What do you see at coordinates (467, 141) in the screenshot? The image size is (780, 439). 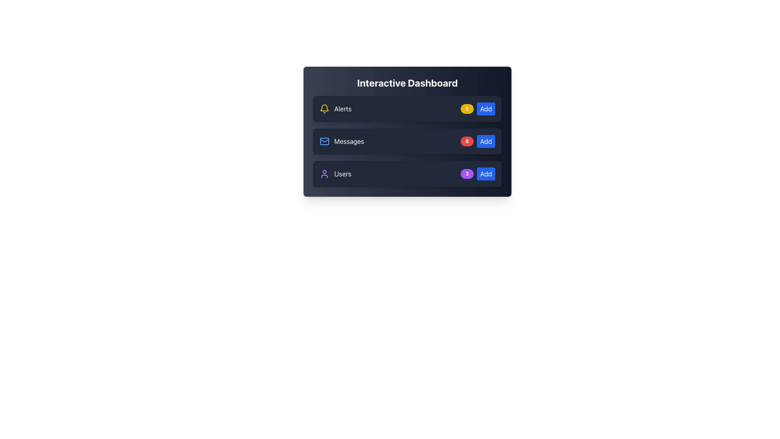 I see `the numerical count displayed on the red badge representing unread messages in the 'Messages' section of the dashboard` at bounding box center [467, 141].